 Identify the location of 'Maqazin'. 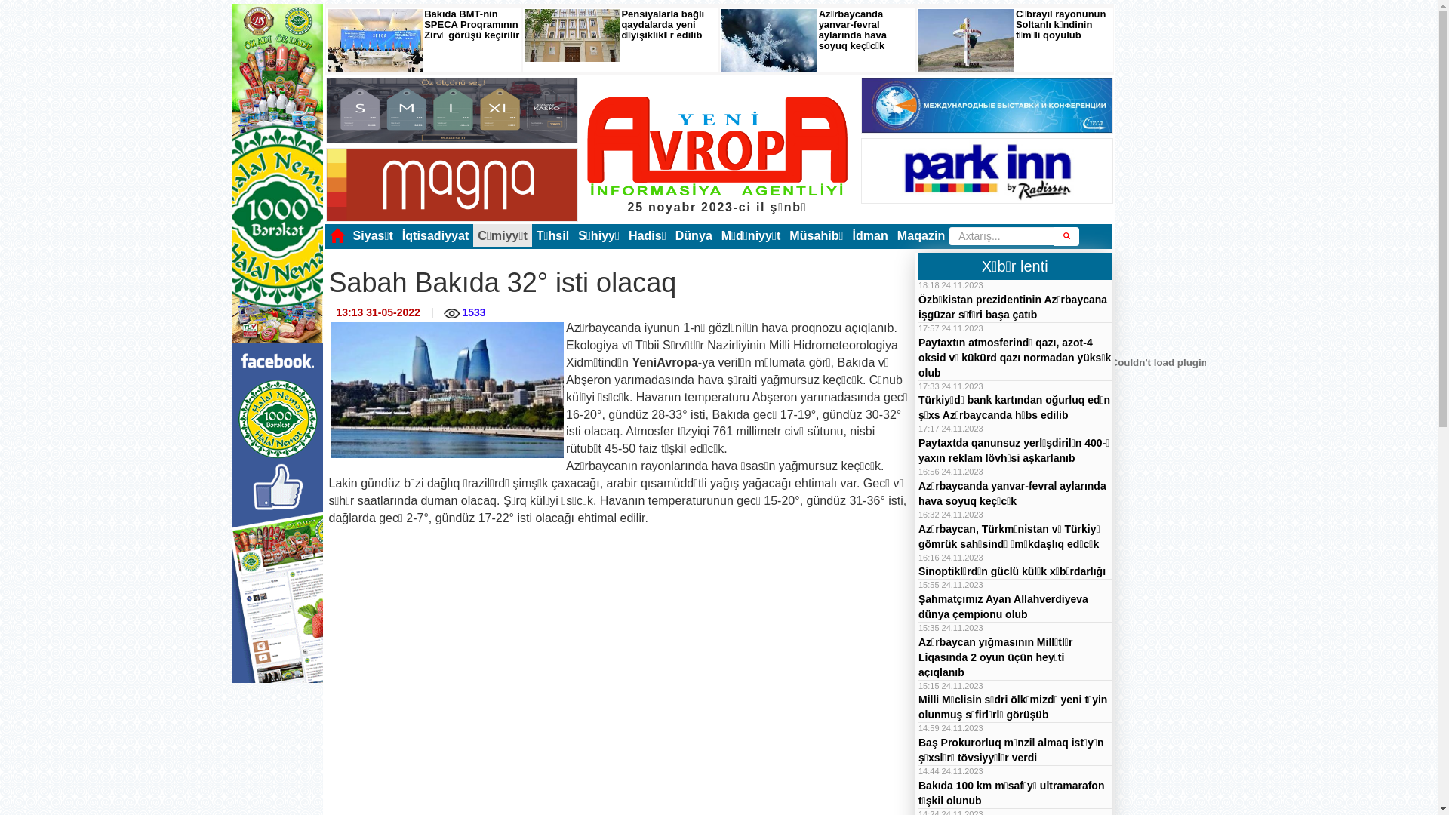
(920, 235).